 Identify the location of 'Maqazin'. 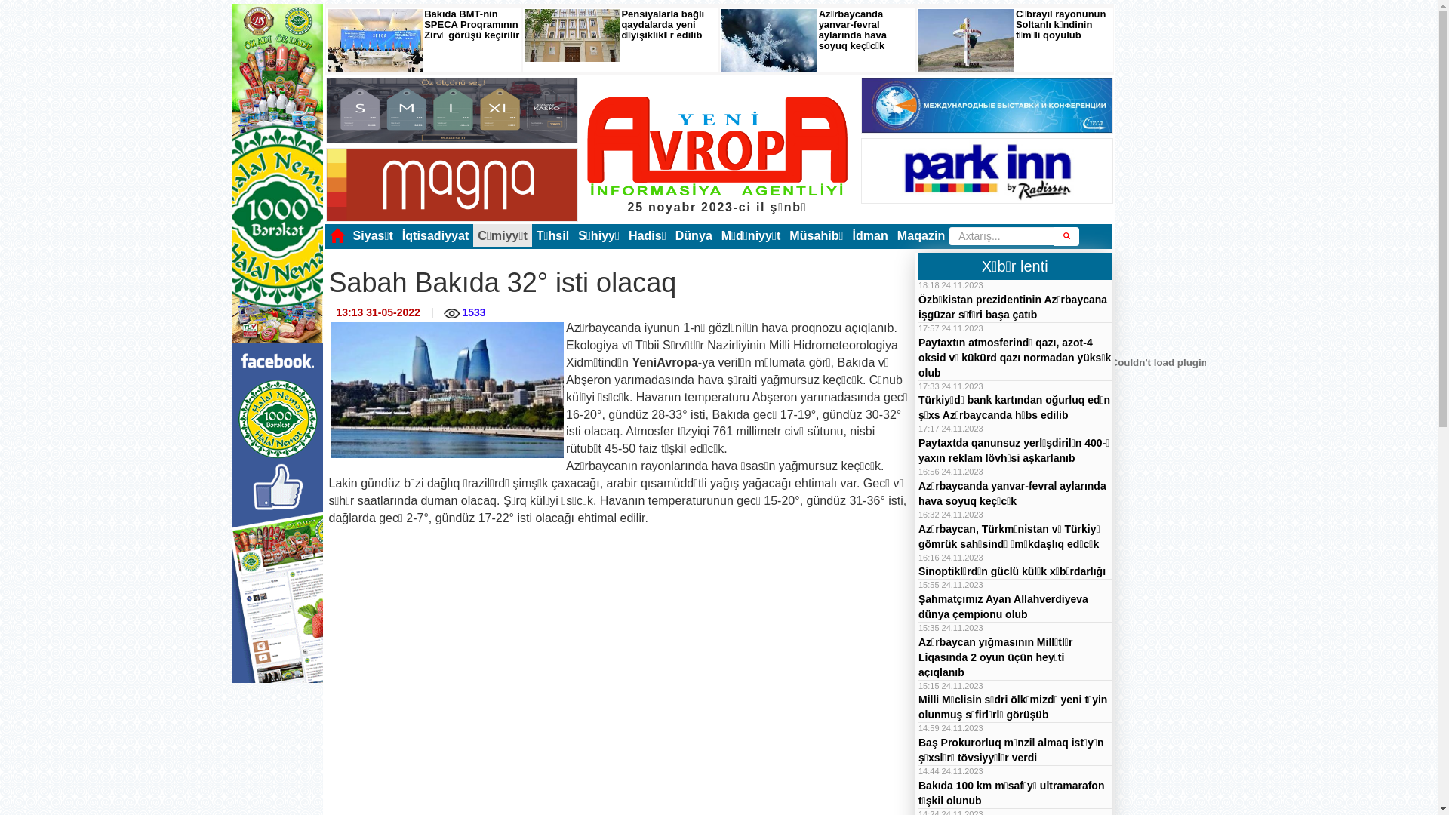
(920, 235).